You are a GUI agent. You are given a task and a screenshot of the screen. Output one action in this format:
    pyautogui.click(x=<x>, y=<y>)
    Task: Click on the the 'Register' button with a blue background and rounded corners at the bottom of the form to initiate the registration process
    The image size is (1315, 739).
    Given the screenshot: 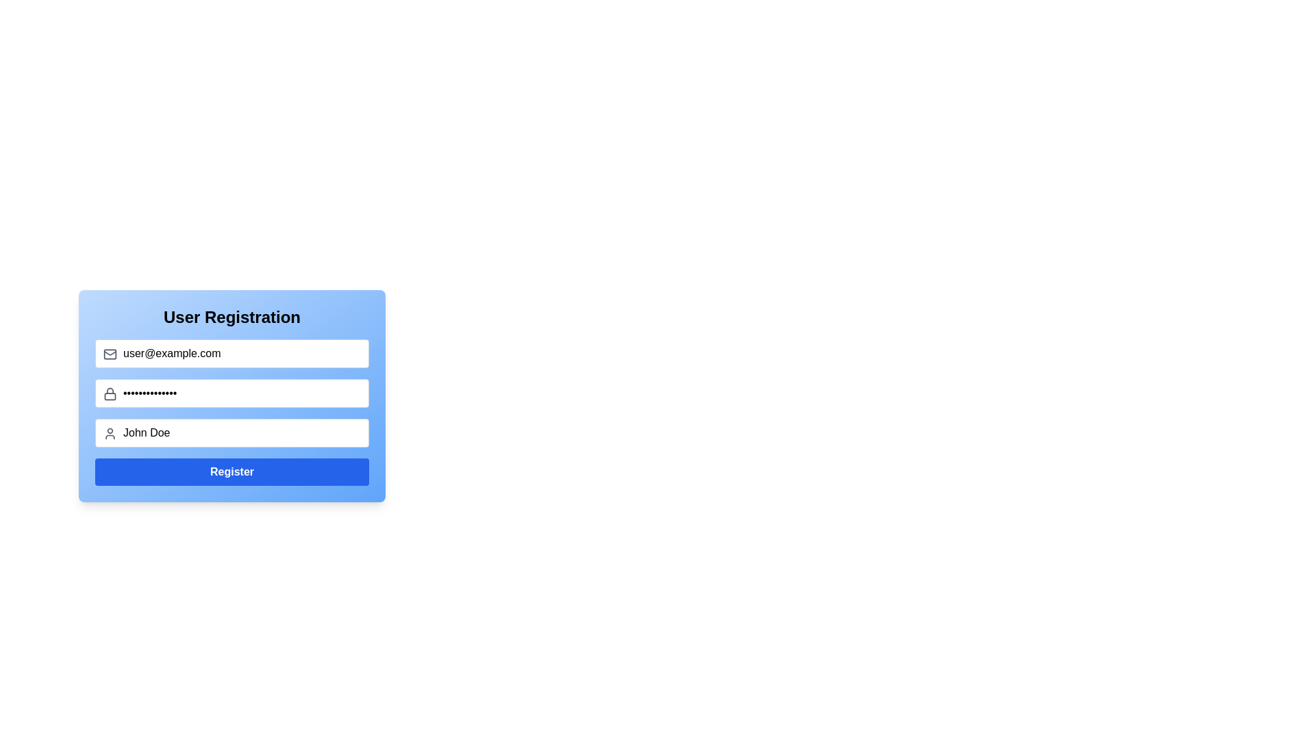 What is the action you would take?
    pyautogui.click(x=232, y=471)
    